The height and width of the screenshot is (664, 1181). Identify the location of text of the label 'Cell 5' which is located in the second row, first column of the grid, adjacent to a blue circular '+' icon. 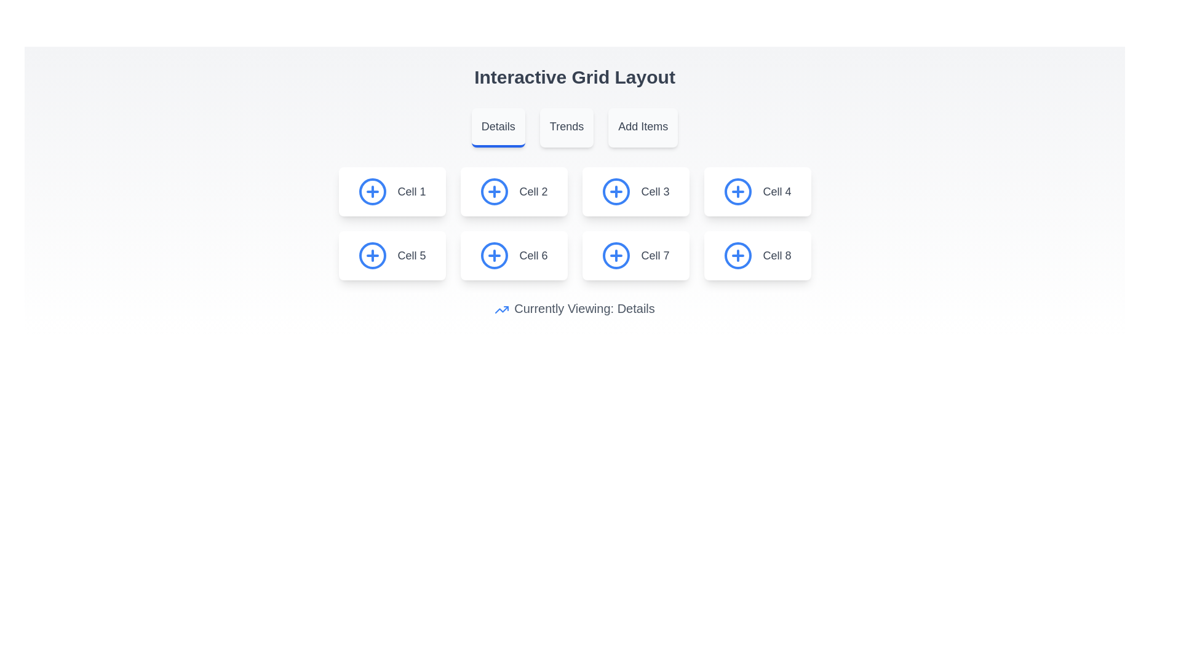
(412, 255).